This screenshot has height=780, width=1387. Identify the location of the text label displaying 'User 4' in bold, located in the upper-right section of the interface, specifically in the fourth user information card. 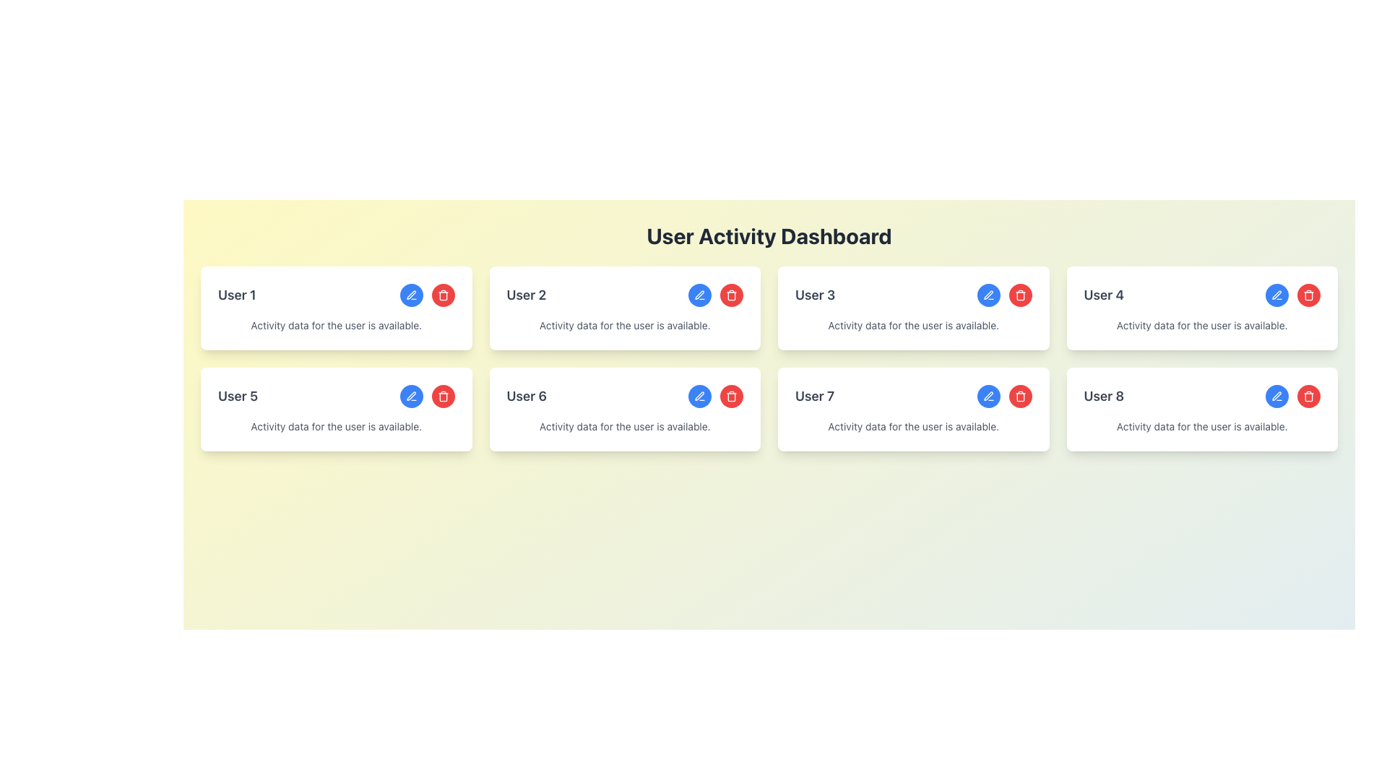
(1103, 294).